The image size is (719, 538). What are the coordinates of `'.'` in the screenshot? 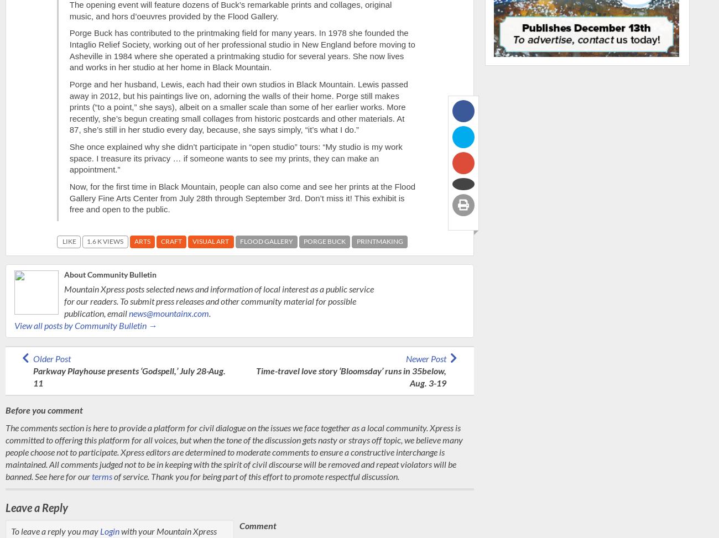 It's located at (209, 312).